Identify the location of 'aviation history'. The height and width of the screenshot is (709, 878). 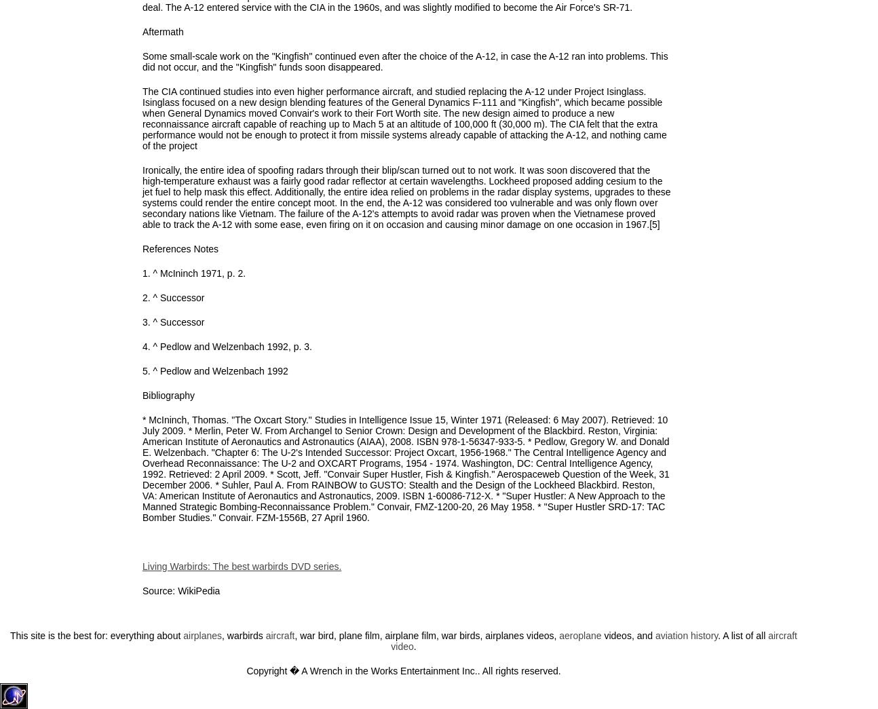
(653, 635).